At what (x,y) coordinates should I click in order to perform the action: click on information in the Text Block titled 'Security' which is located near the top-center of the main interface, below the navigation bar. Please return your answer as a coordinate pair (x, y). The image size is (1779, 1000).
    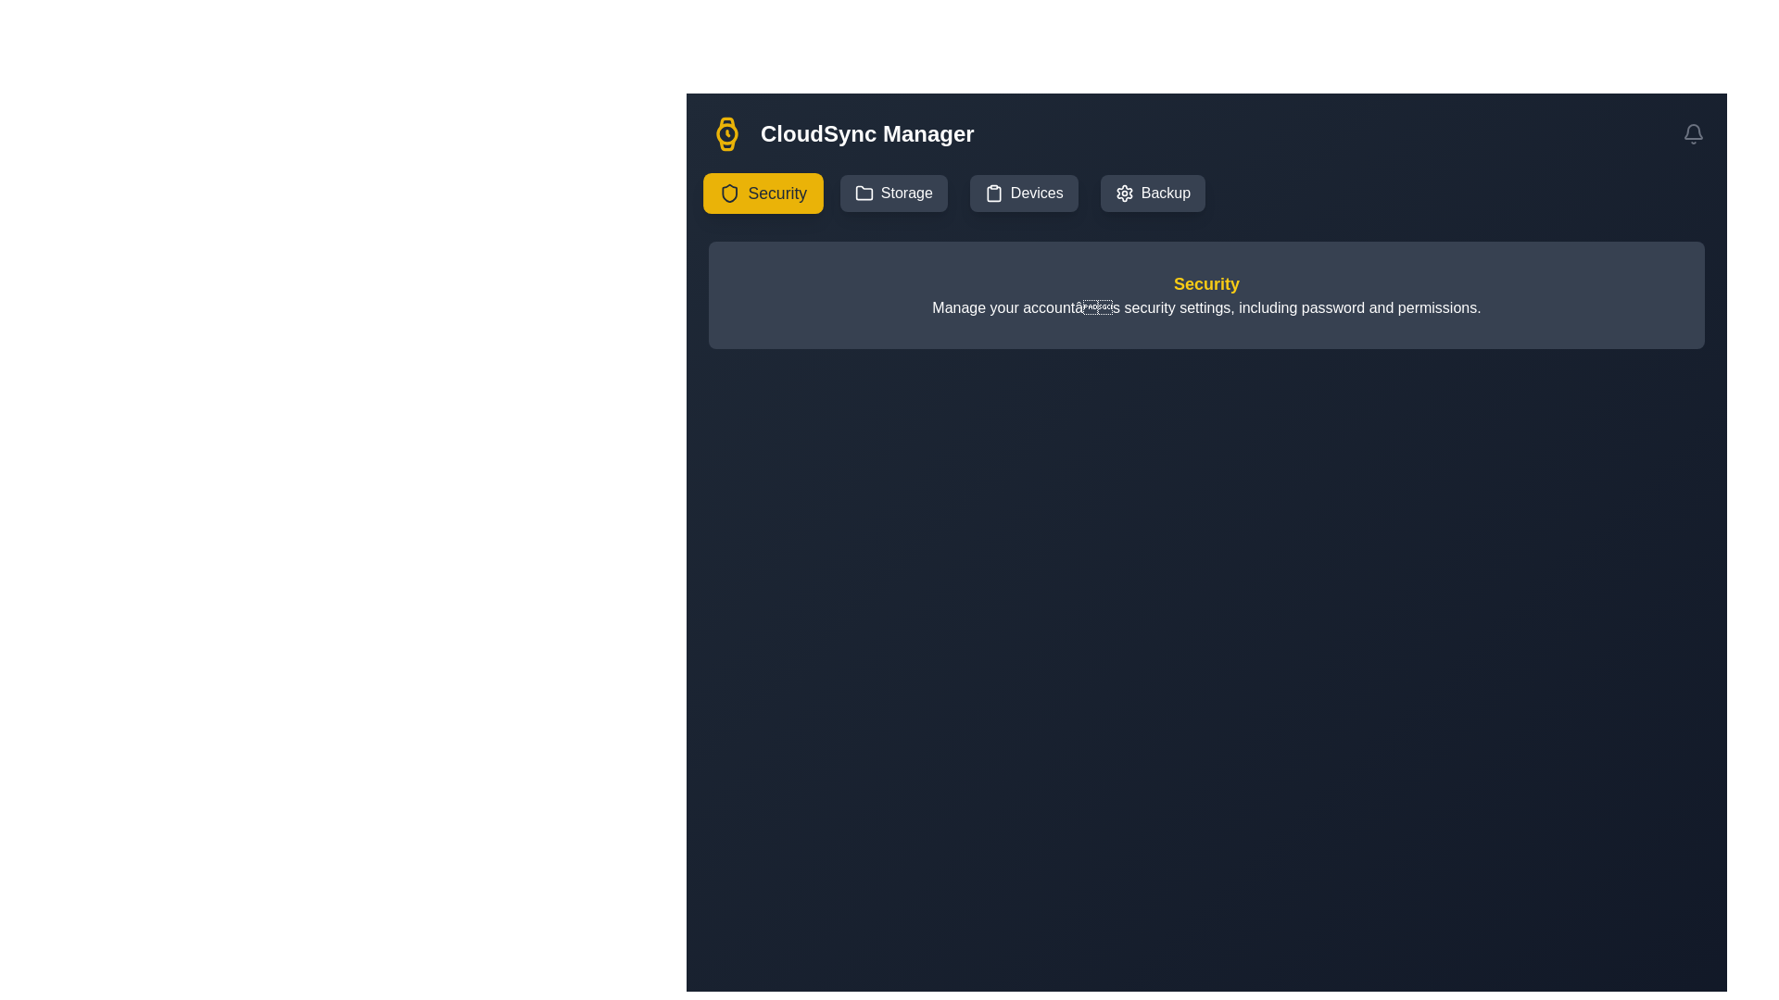
    Looking at the image, I should click on (1206, 294).